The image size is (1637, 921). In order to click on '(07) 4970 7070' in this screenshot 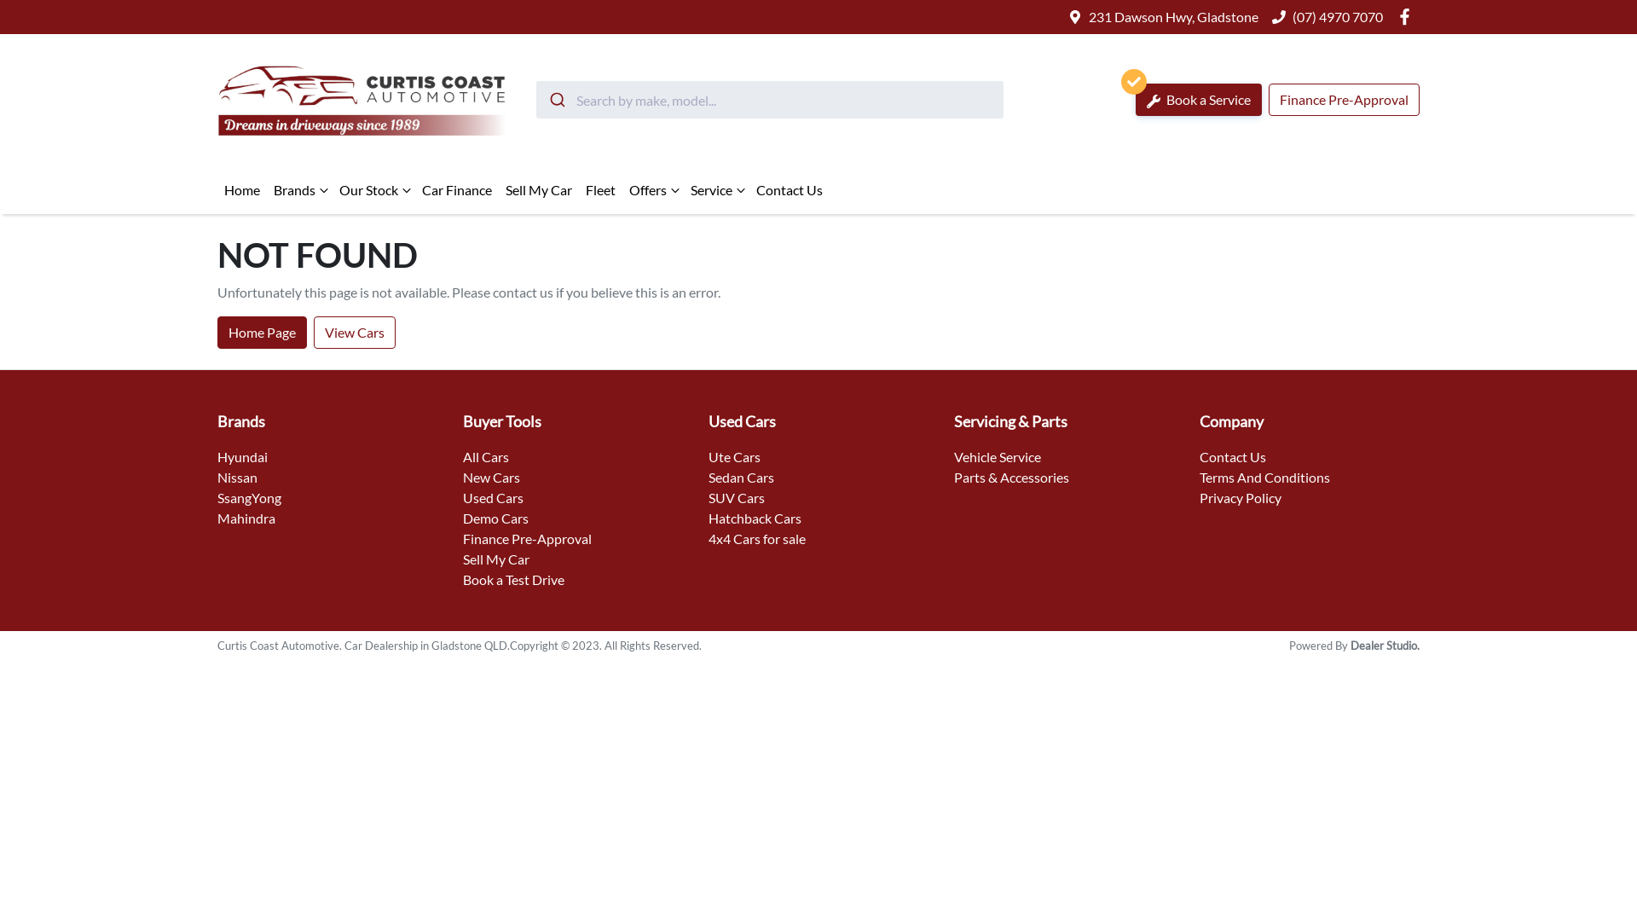, I will do `click(1337, 16)`.